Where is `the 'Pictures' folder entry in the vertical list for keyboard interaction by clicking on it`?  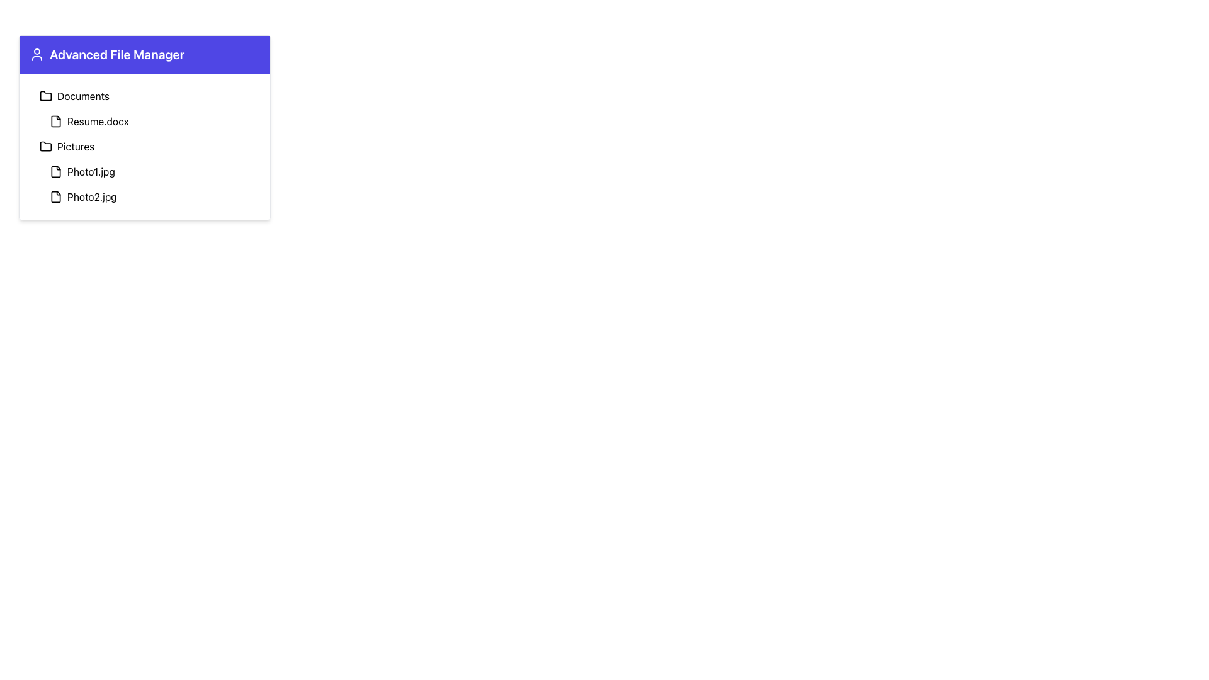 the 'Pictures' folder entry in the vertical list for keyboard interaction by clicking on it is located at coordinates (145, 145).